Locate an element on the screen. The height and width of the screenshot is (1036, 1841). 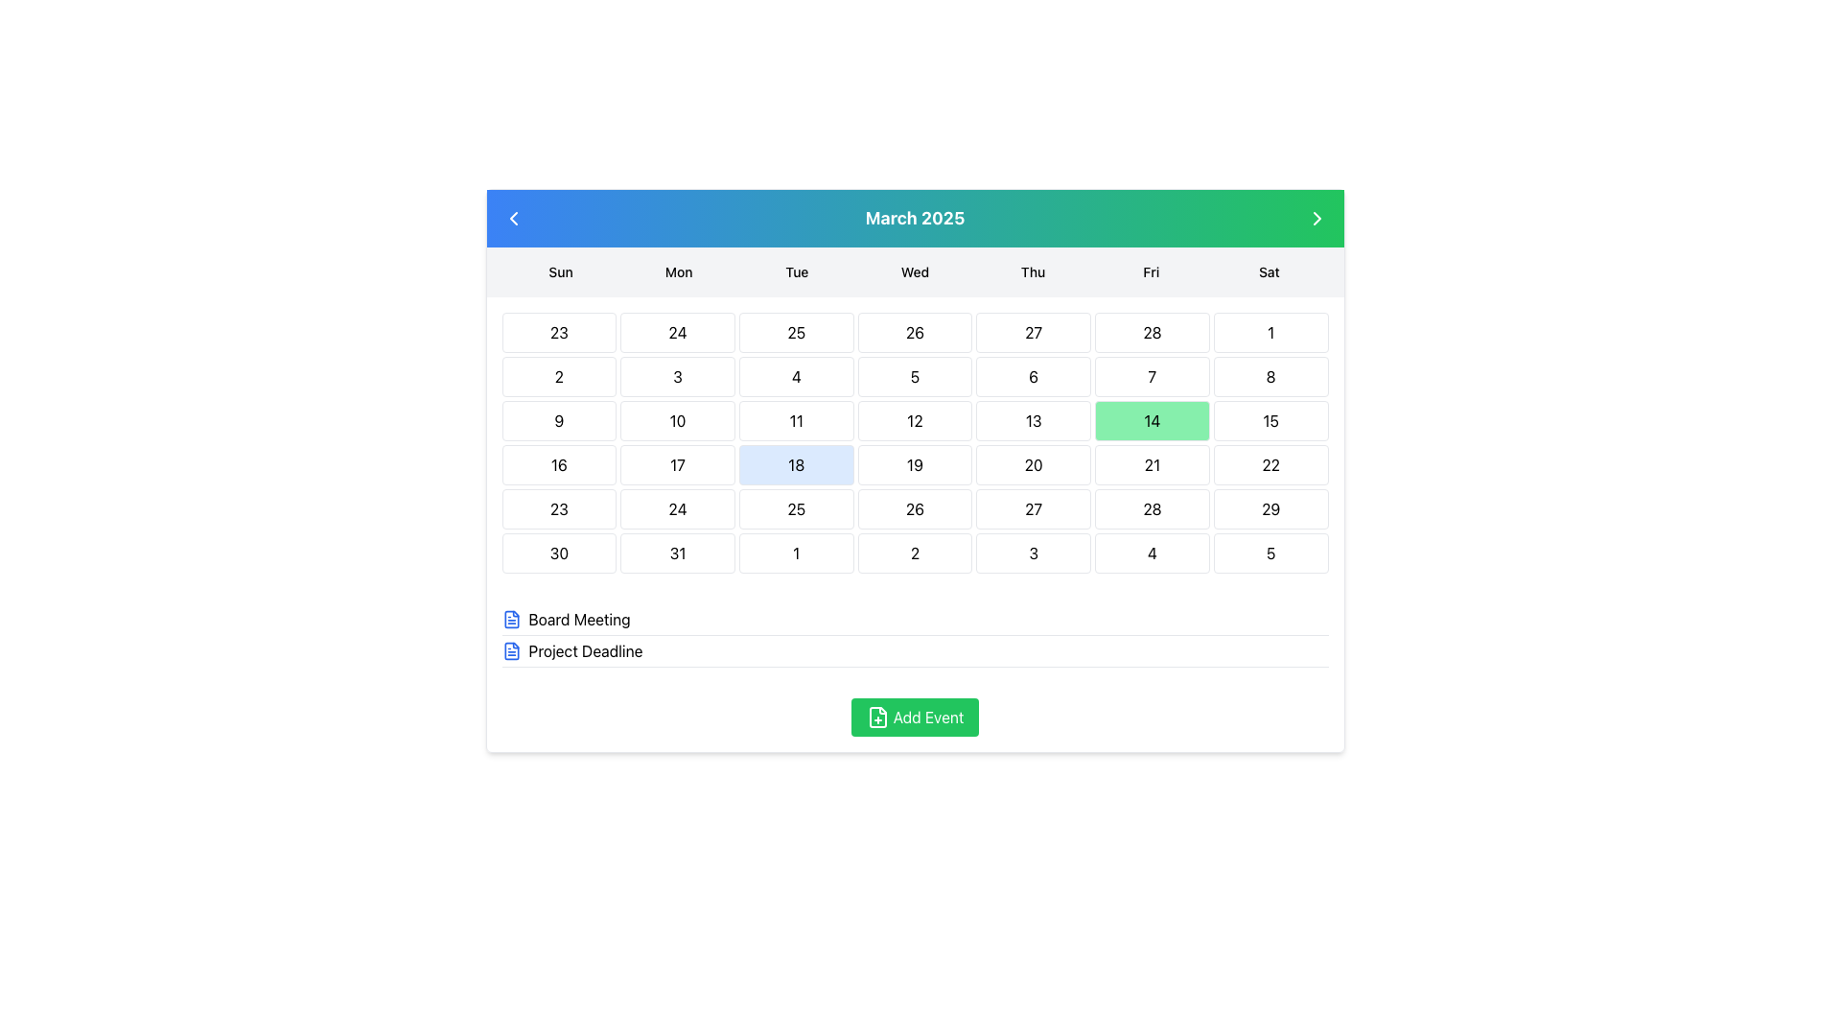
the calendar day cell representing the date '29' in March 2025, located in the last row and sixth column of the calendar layout is located at coordinates (1270, 508).